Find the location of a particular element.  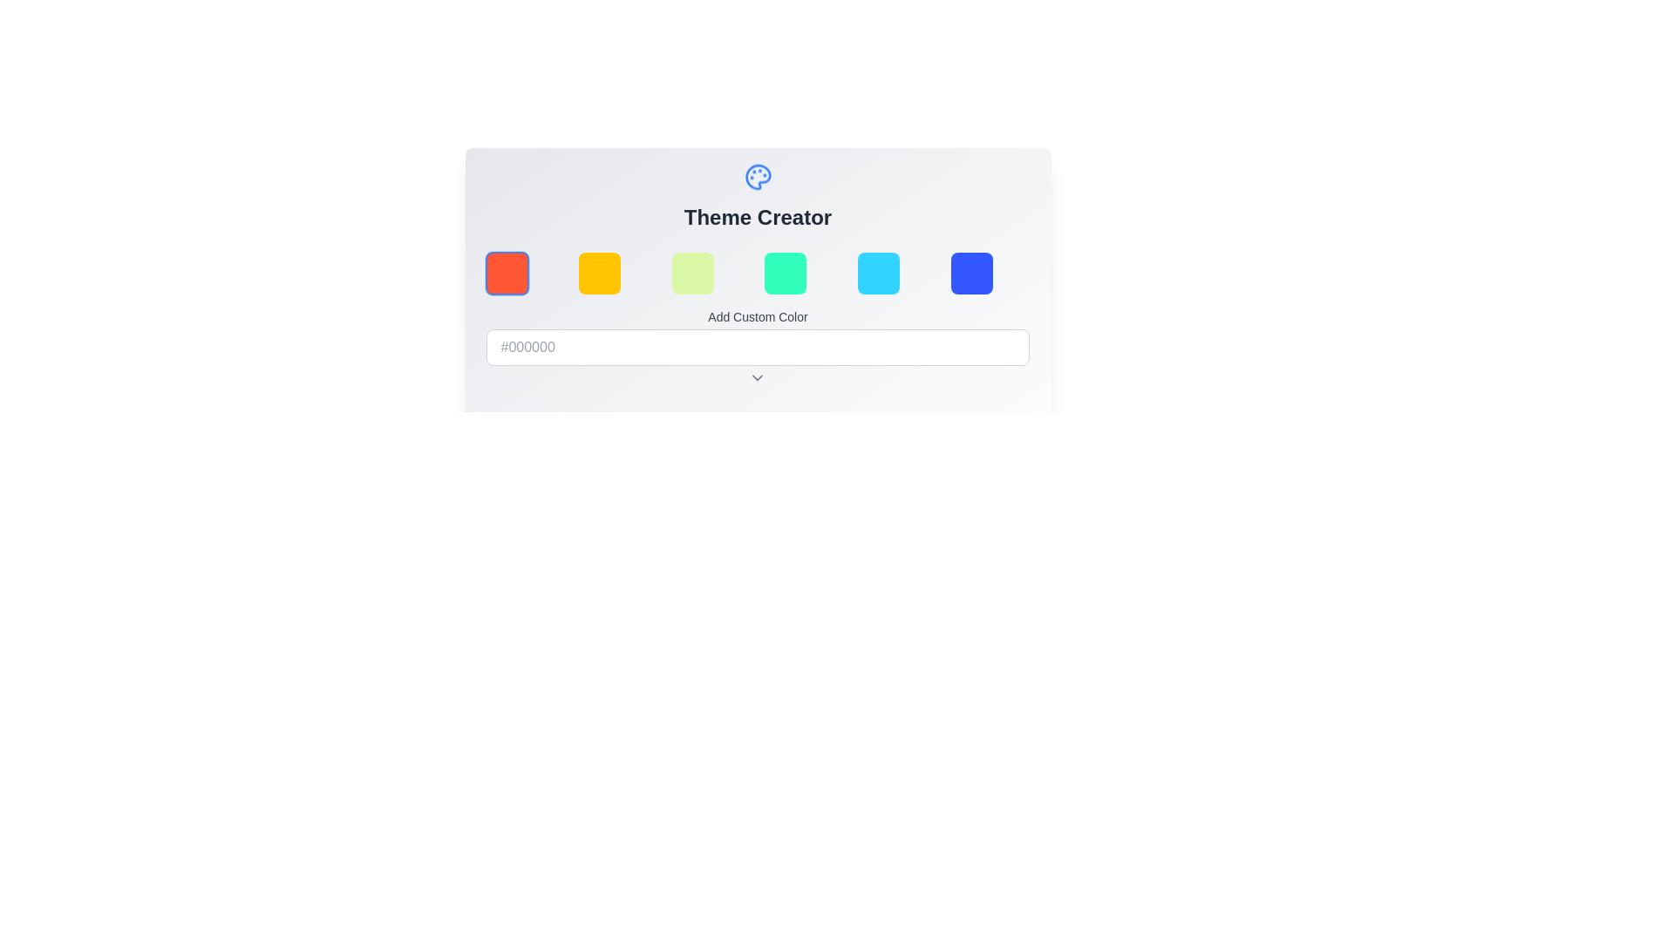

the first color option block in the grid layout is located at coordinates (506, 273).